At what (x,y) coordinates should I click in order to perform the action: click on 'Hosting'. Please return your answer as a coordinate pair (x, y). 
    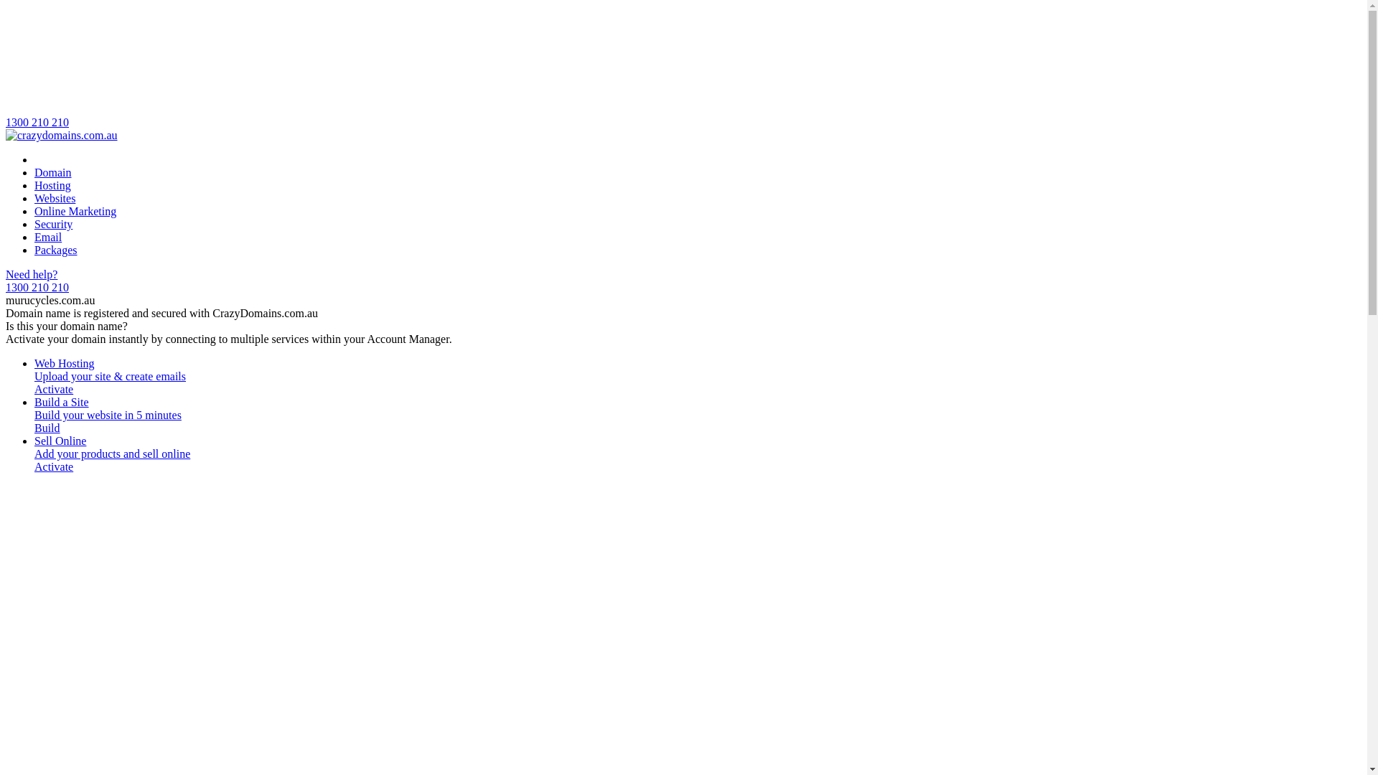
    Looking at the image, I should click on (52, 184).